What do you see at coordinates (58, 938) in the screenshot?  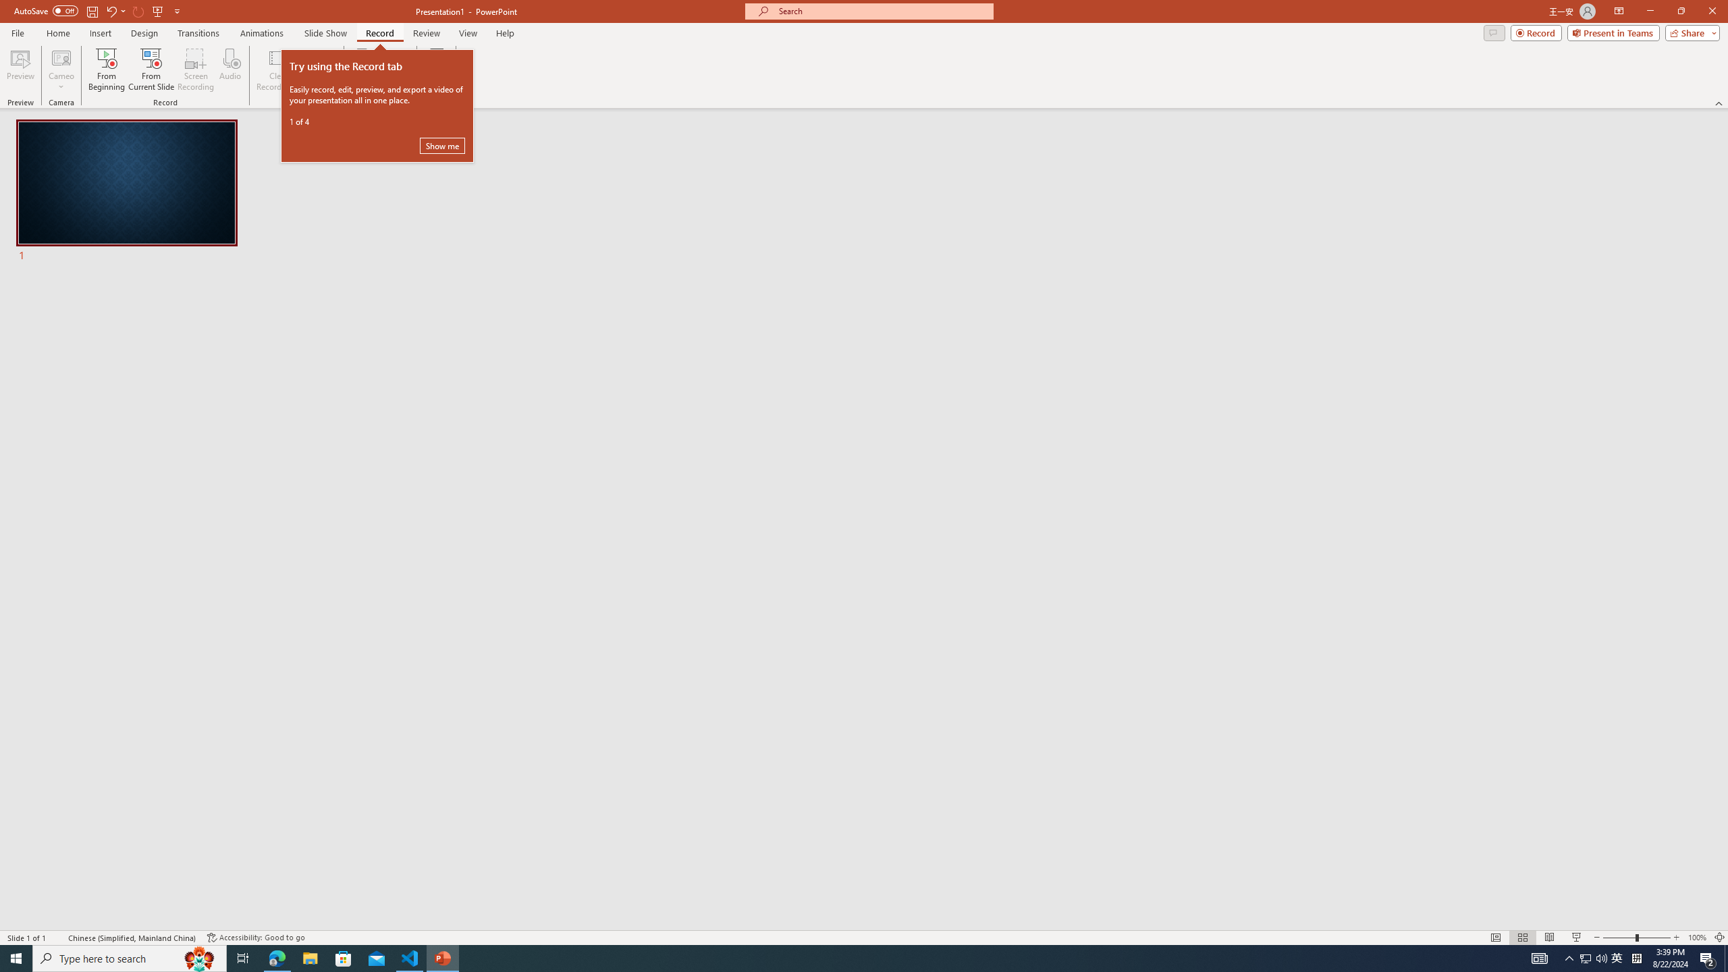 I see `'Spell Check '` at bounding box center [58, 938].